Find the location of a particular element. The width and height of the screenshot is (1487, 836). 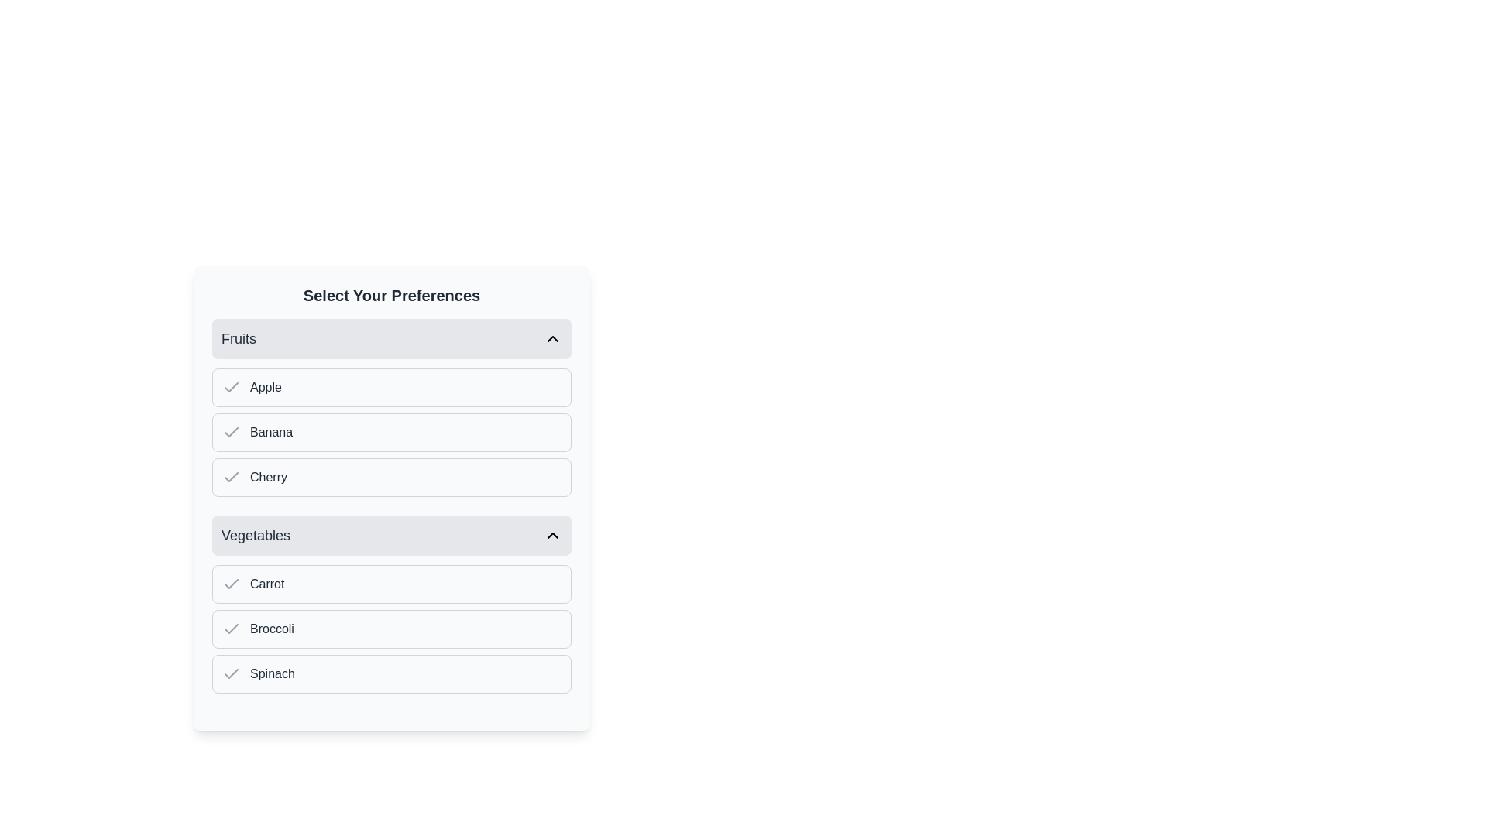

the selectable list item labeled 'Broccoli', which is the second option in the 'Vegetables' group is located at coordinates (391, 629).